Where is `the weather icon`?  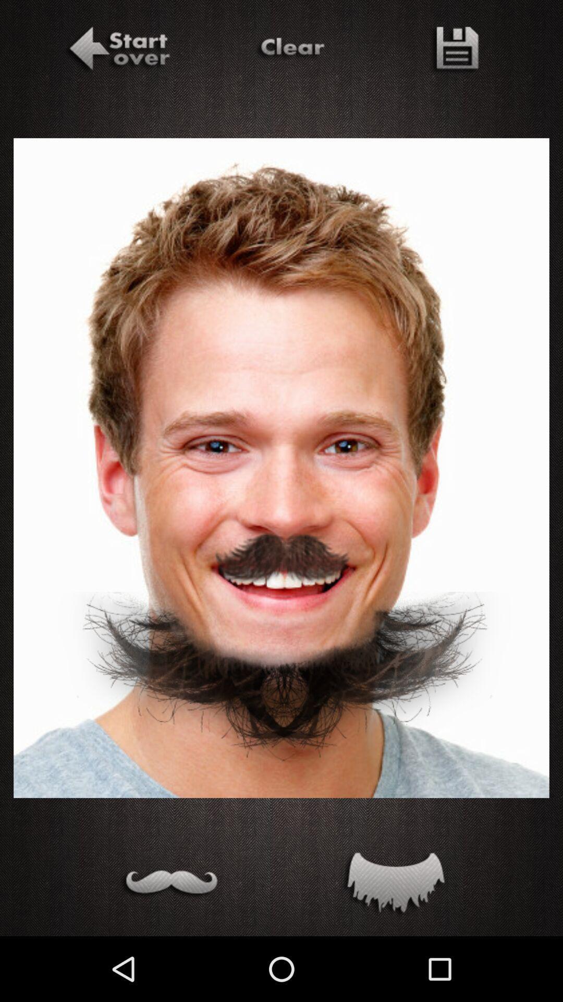
the weather icon is located at coordinates (168, 885).